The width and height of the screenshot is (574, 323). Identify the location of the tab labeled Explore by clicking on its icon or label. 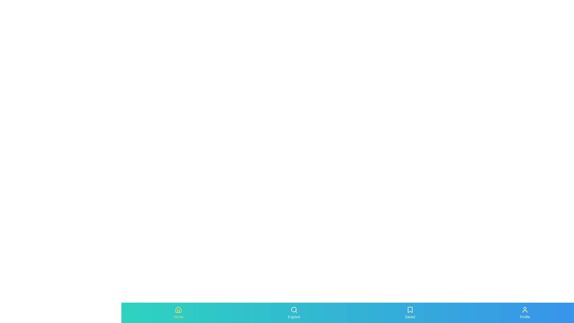
(294, 312).